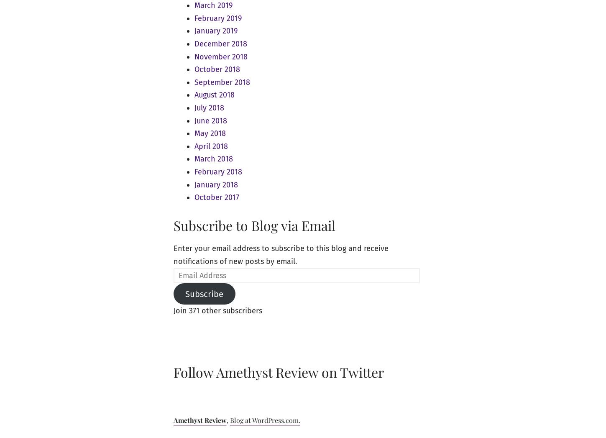 Image resolution: width=606 pixels, height=438 pixels. I want to click on 'February 2019', so click(217, 18).